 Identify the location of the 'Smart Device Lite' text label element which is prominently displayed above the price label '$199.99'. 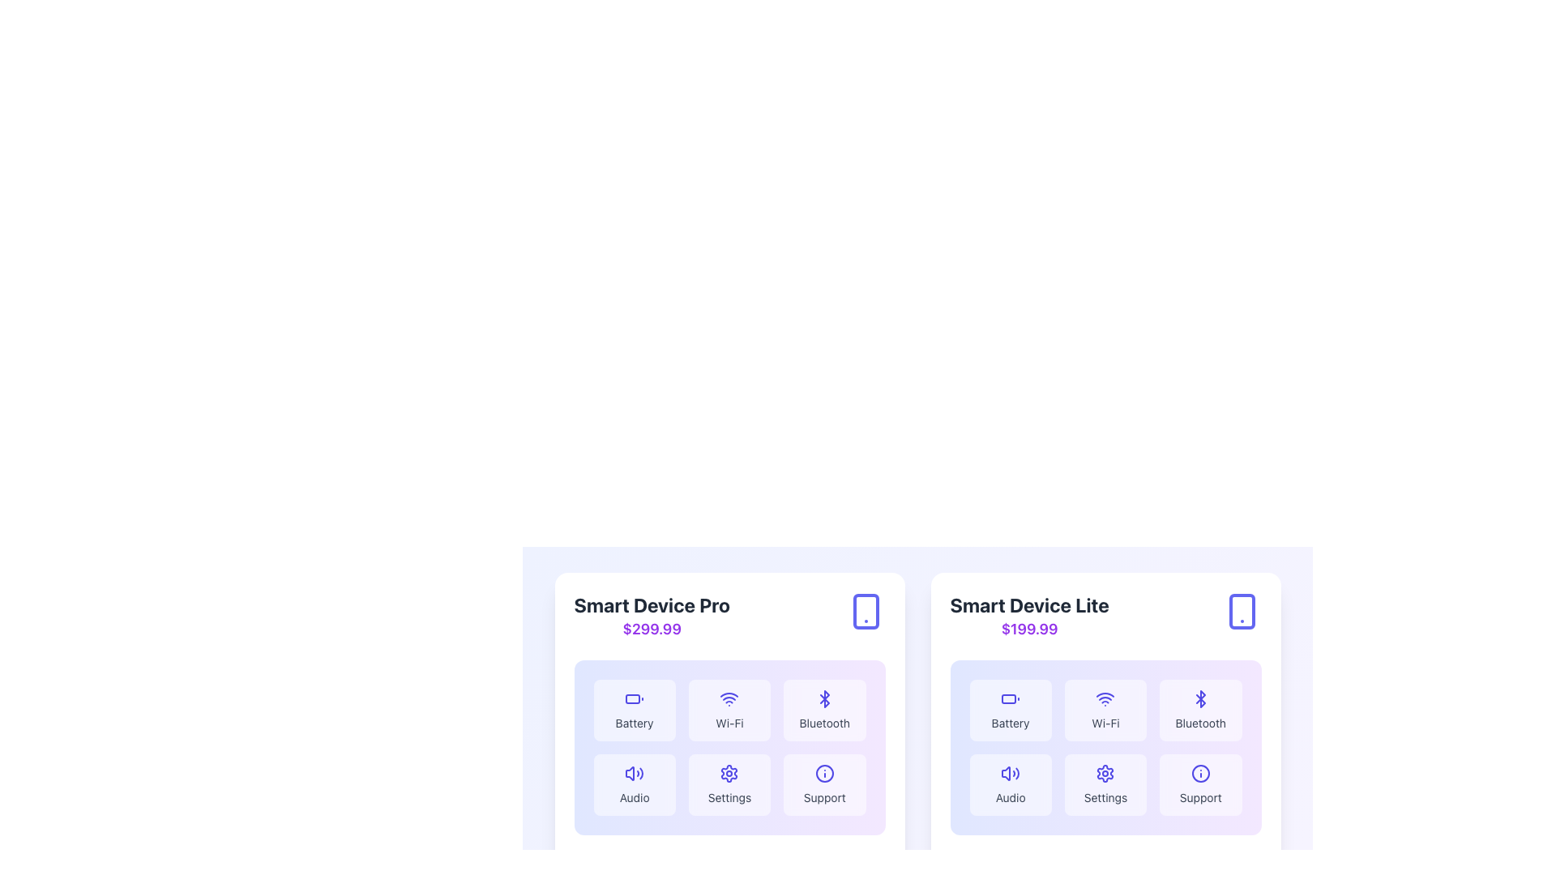
(1028, 605).